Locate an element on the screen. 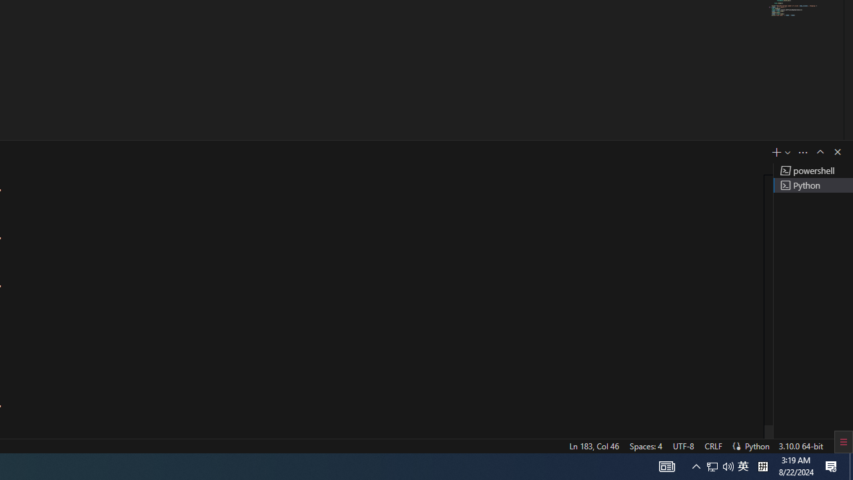 The width and height of the screenshot is (853, 480). 'Maximize Panel Size' is located at coordinates (819, 151).